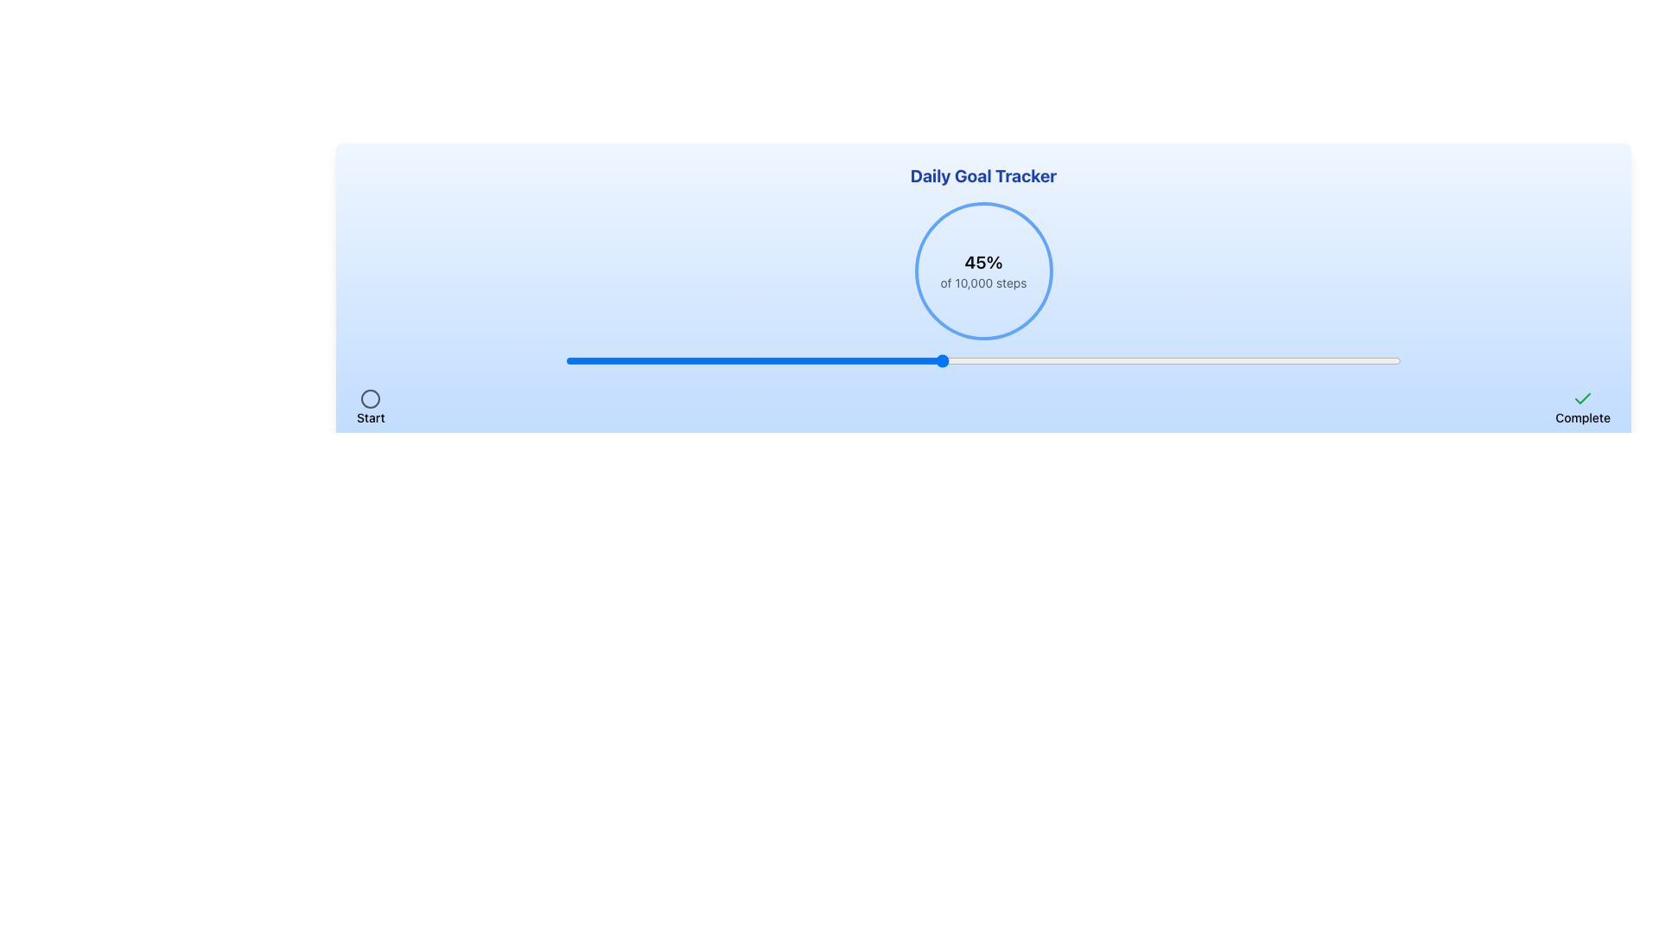 Image resolution: width=1659 pixels, height=933 pixels. I want to click on the slider value, so click(1325, 359).